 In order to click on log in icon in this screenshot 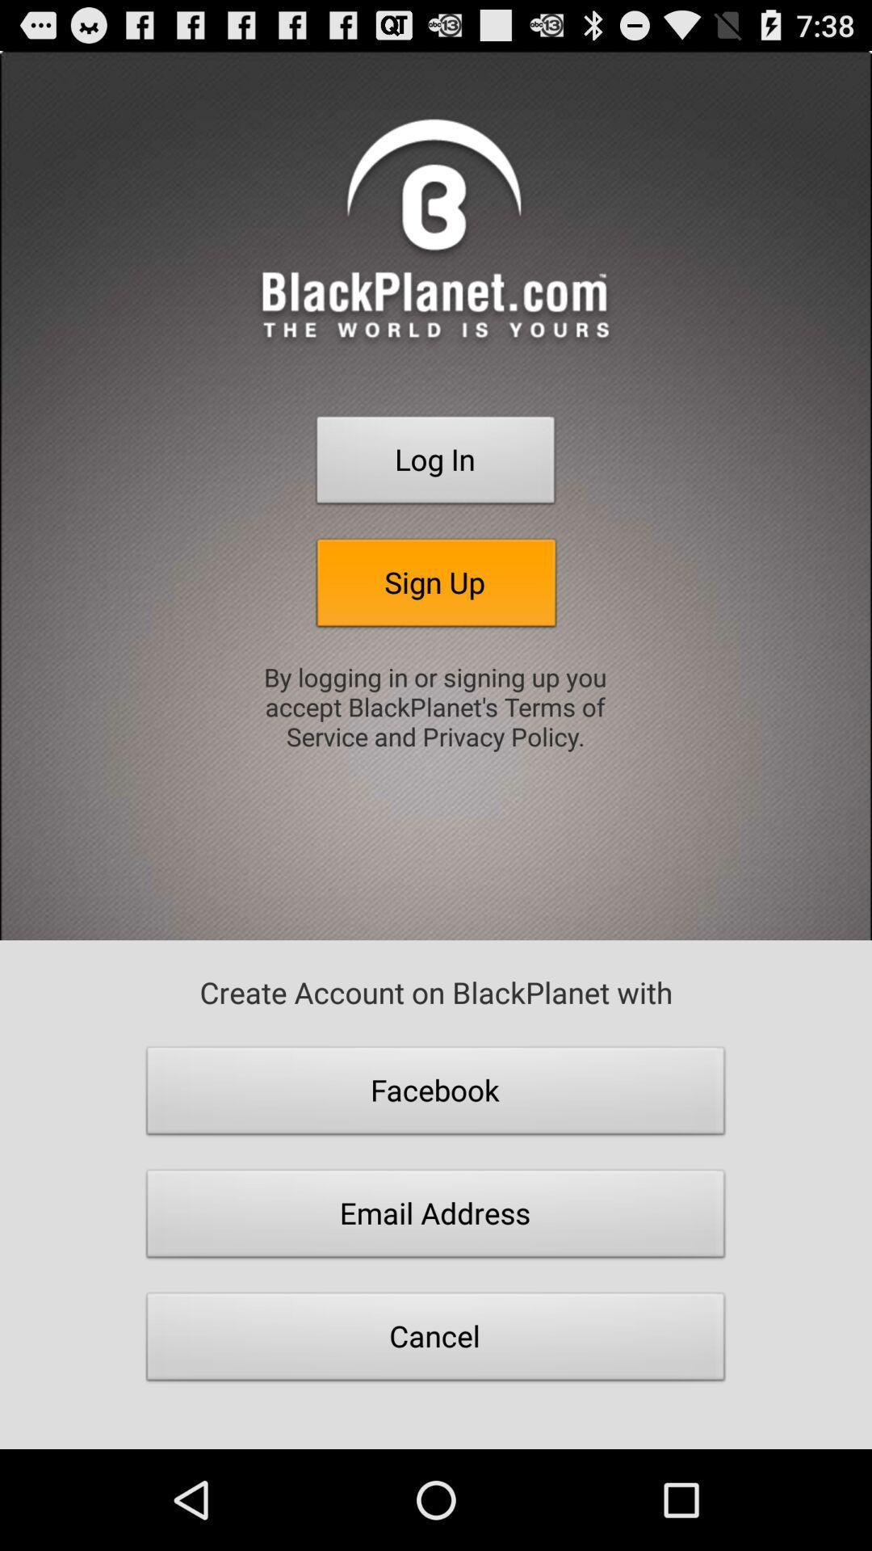, I will do `click(436, 464)`.